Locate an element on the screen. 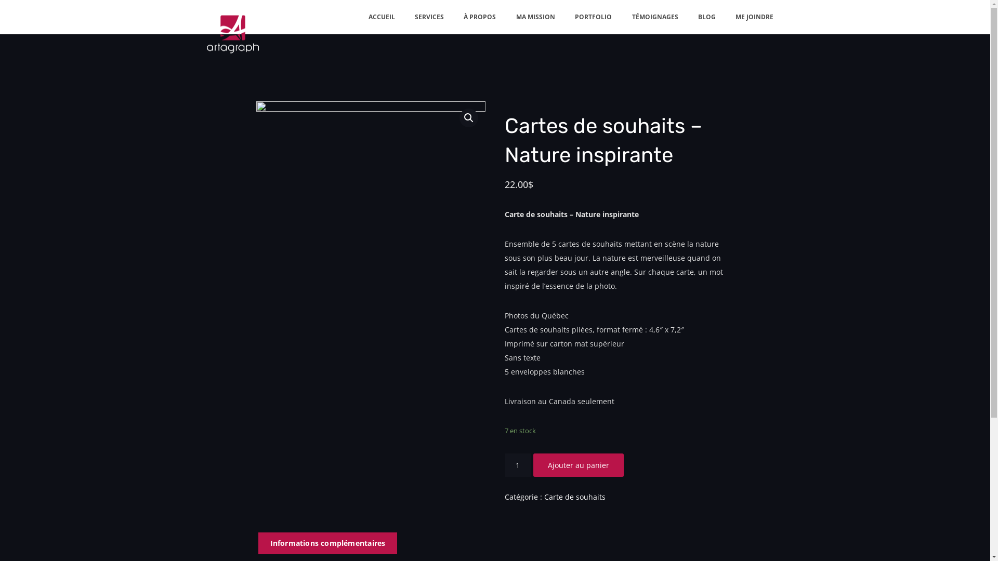 This screenshot has width=998, height=561. 'ME JOINDRE' is located at coordinates (754, 17).